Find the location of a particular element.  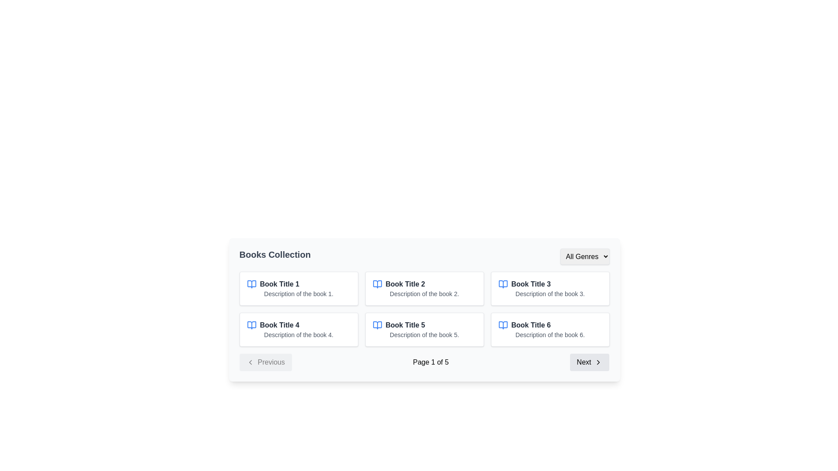

the chevron-right icon located within the 'Next' button on the navigation bar at the bottom of the card containing book titles is located at coordinates (598, 362).